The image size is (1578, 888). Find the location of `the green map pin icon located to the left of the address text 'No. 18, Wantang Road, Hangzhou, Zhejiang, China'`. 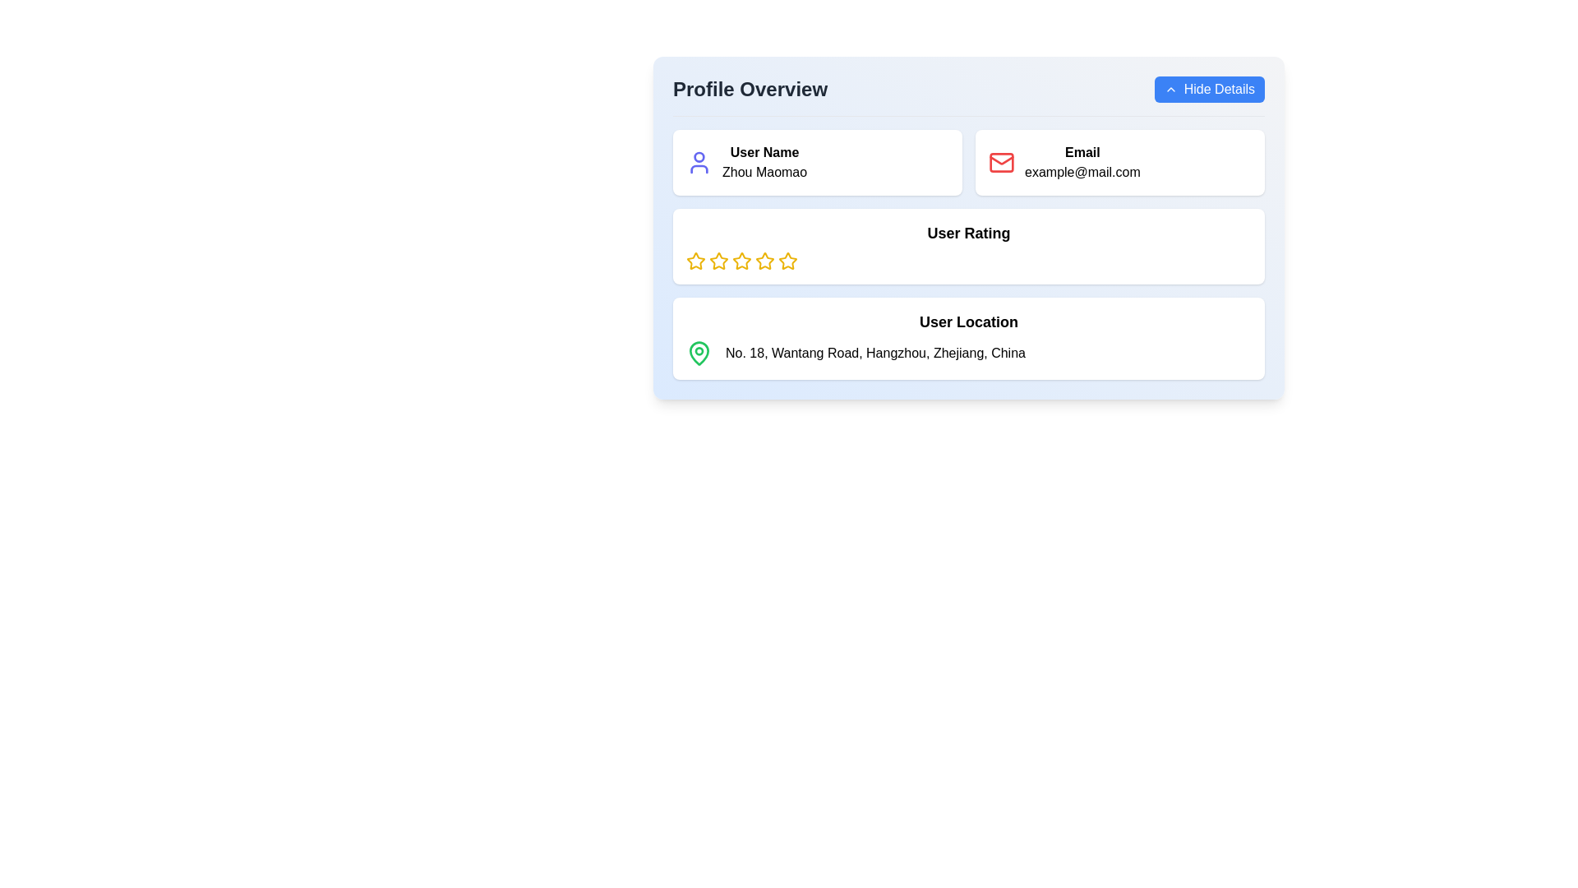

the green map pin icon located to the left of the address text 'No. 18, Wantang Road, Hangzhou, Zhejiang, China' is located at coordinates (699, 352).